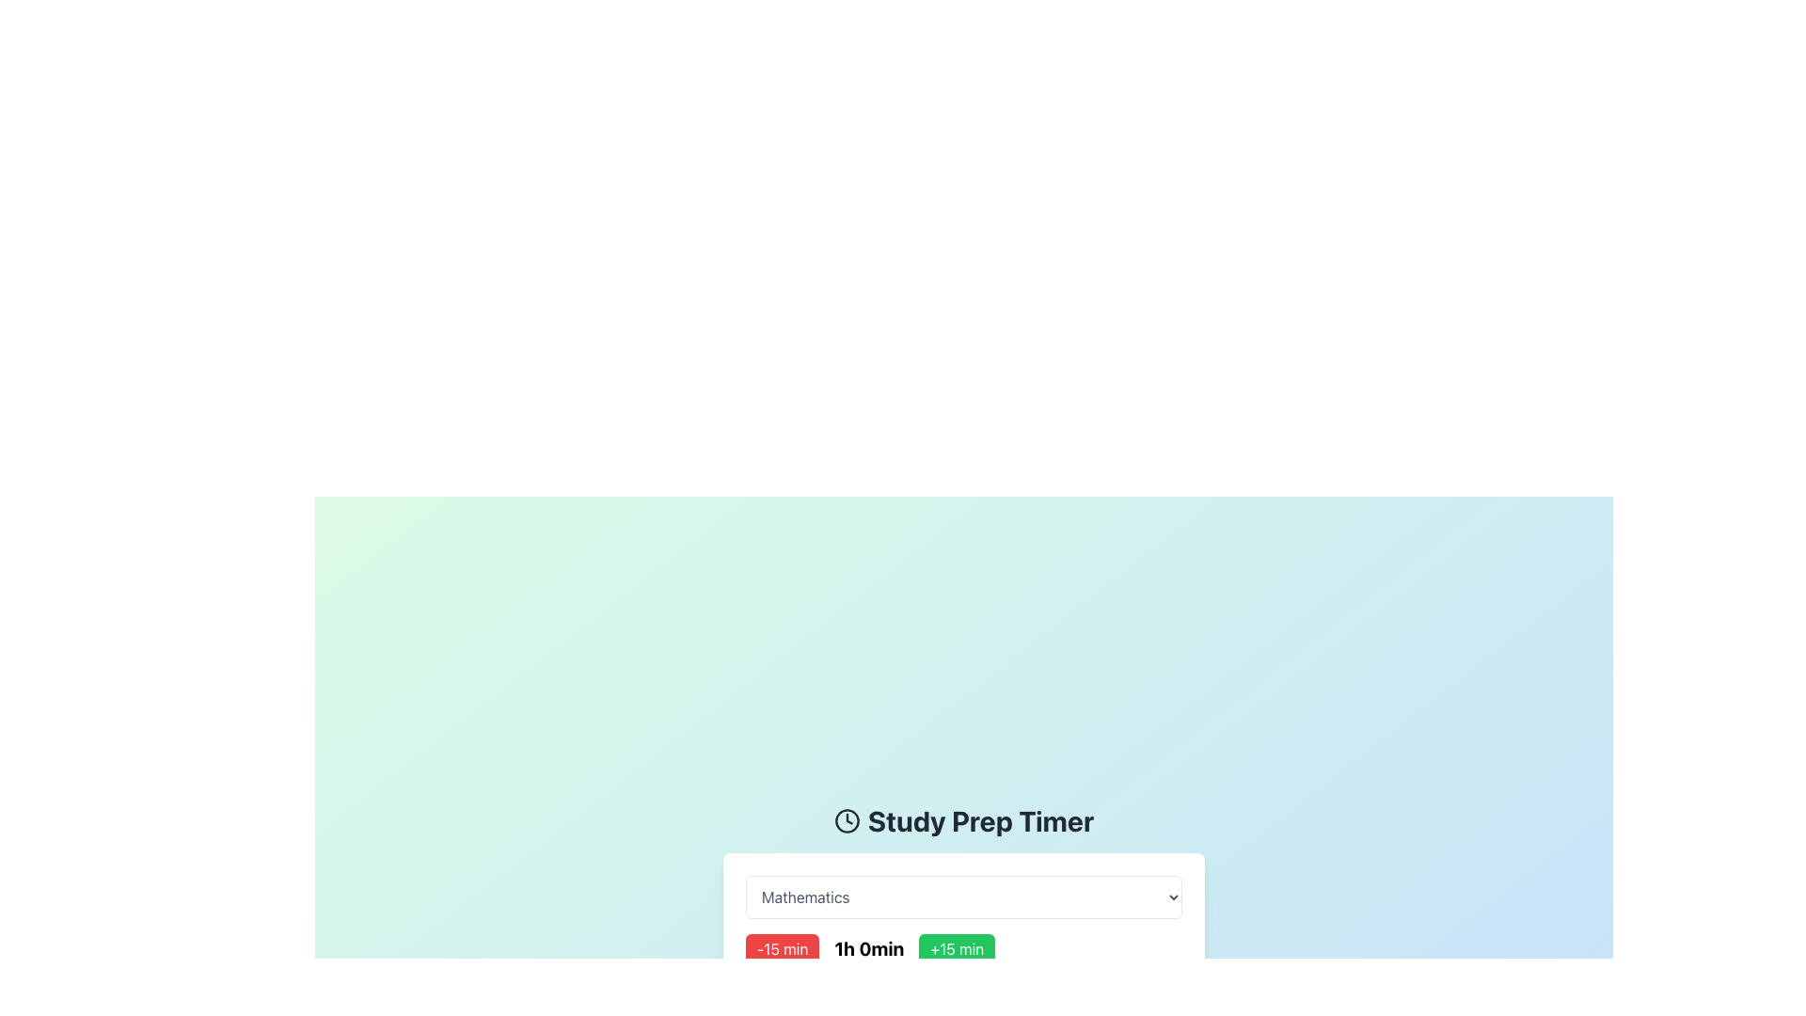 The width and height of the screenshot is (1806, 1016). What do you see at coordinates (964, 819) in the screenshot?
I see `the static text element labeled 'Study Prep Timer' with a clock icon, located near the top center of the interface` at bounding box center [964, 819].